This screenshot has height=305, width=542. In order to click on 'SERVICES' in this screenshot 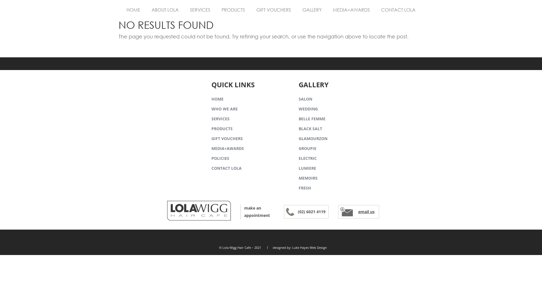, I will do `click(211, 119)`.